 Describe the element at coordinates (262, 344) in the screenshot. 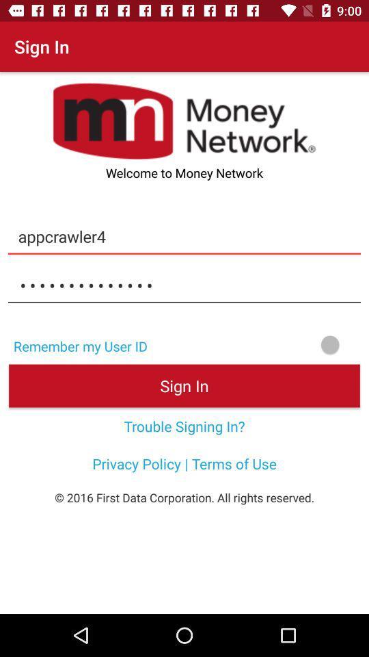

I see `the item above sign in` at that location.